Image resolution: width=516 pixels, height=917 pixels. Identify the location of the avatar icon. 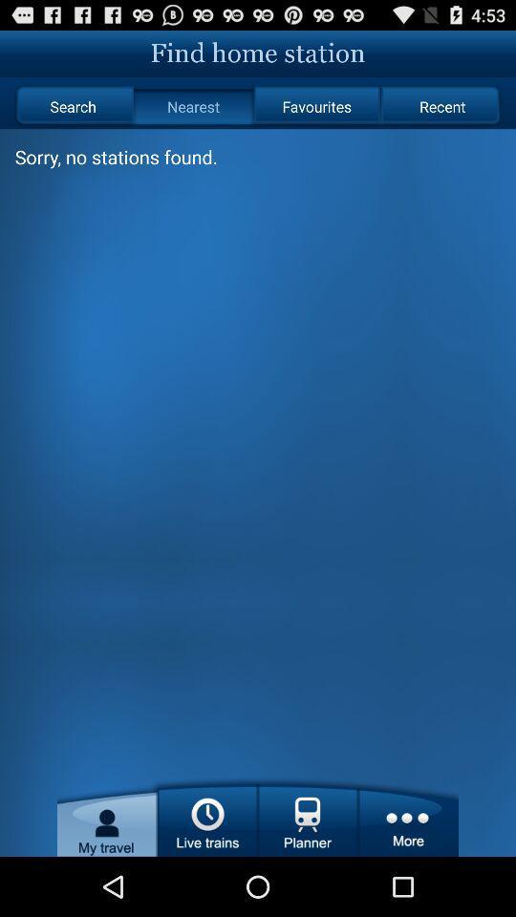
(107, 873).